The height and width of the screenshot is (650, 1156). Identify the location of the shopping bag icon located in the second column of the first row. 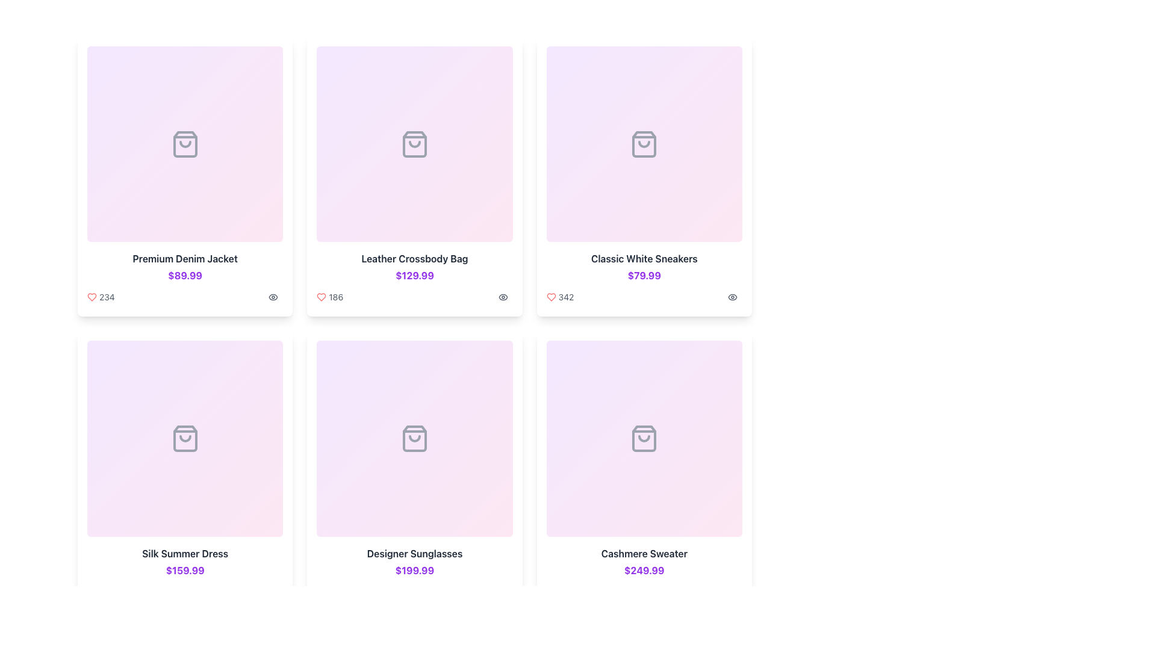
(414, 143).